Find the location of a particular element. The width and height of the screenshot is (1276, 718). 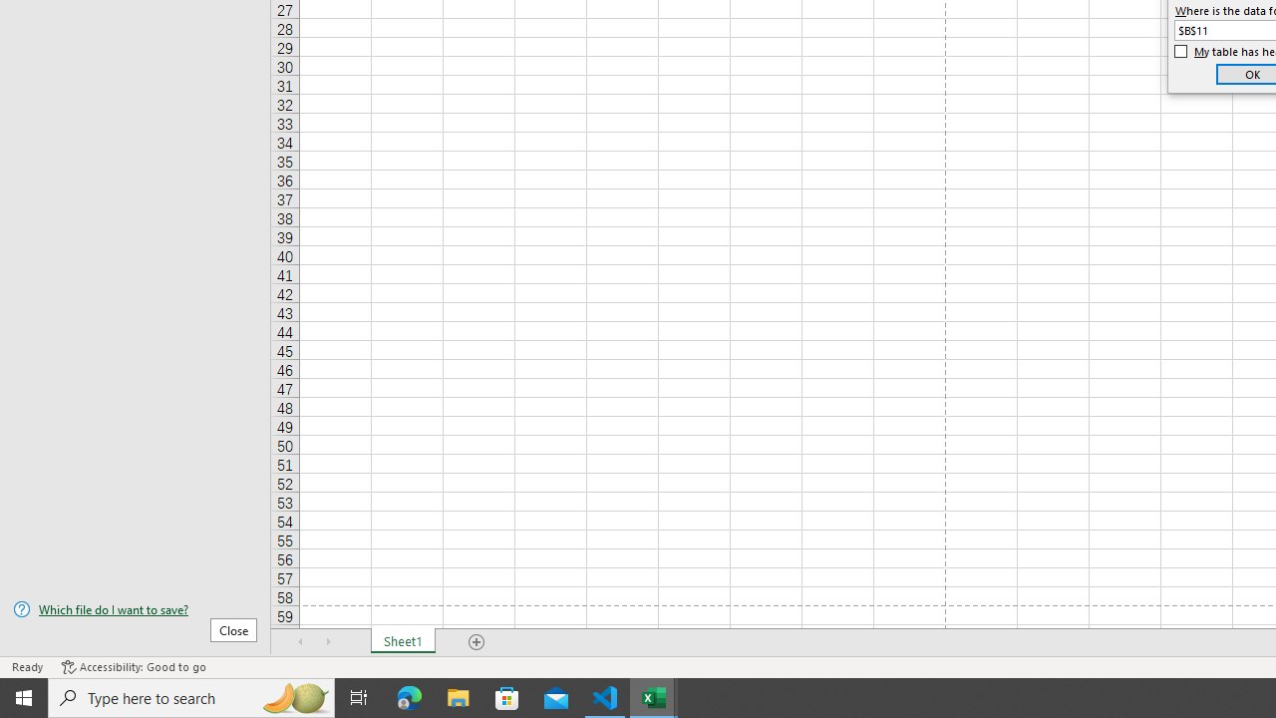

'Close' is located at coordinates (233, 629).